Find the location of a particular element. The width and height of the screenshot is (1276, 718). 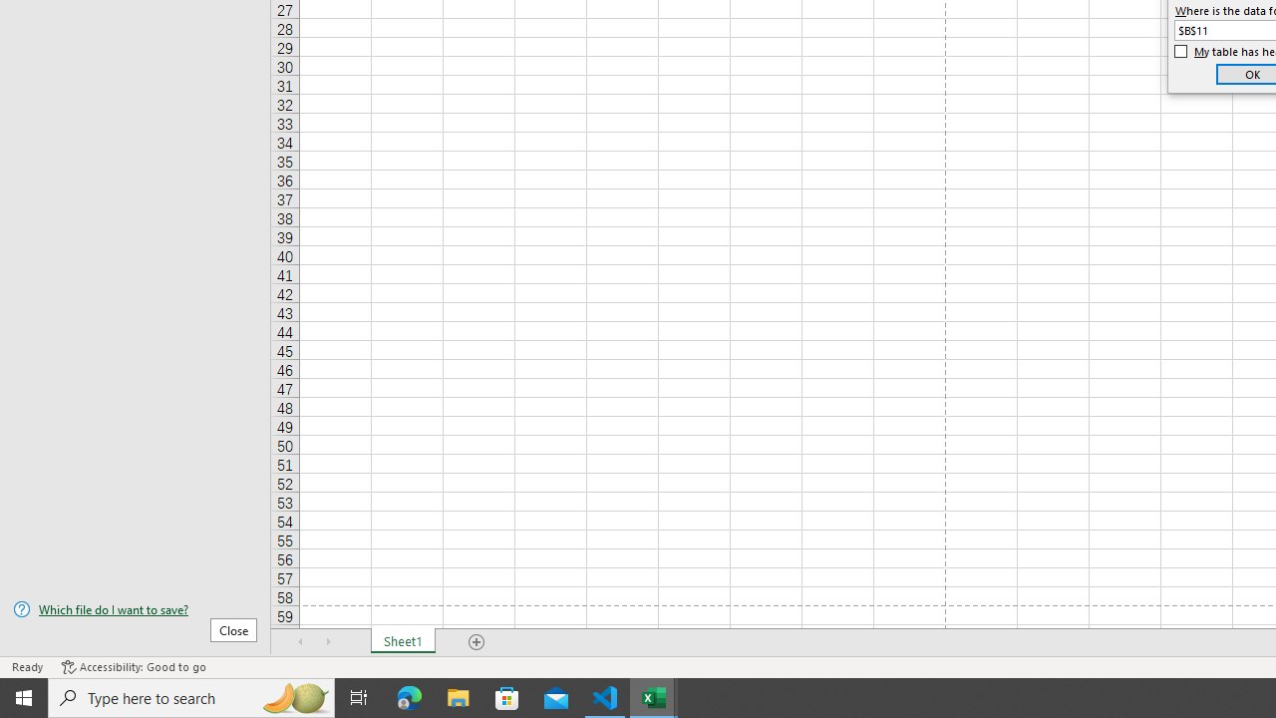

'Close' is located at coordinates (233, 629).